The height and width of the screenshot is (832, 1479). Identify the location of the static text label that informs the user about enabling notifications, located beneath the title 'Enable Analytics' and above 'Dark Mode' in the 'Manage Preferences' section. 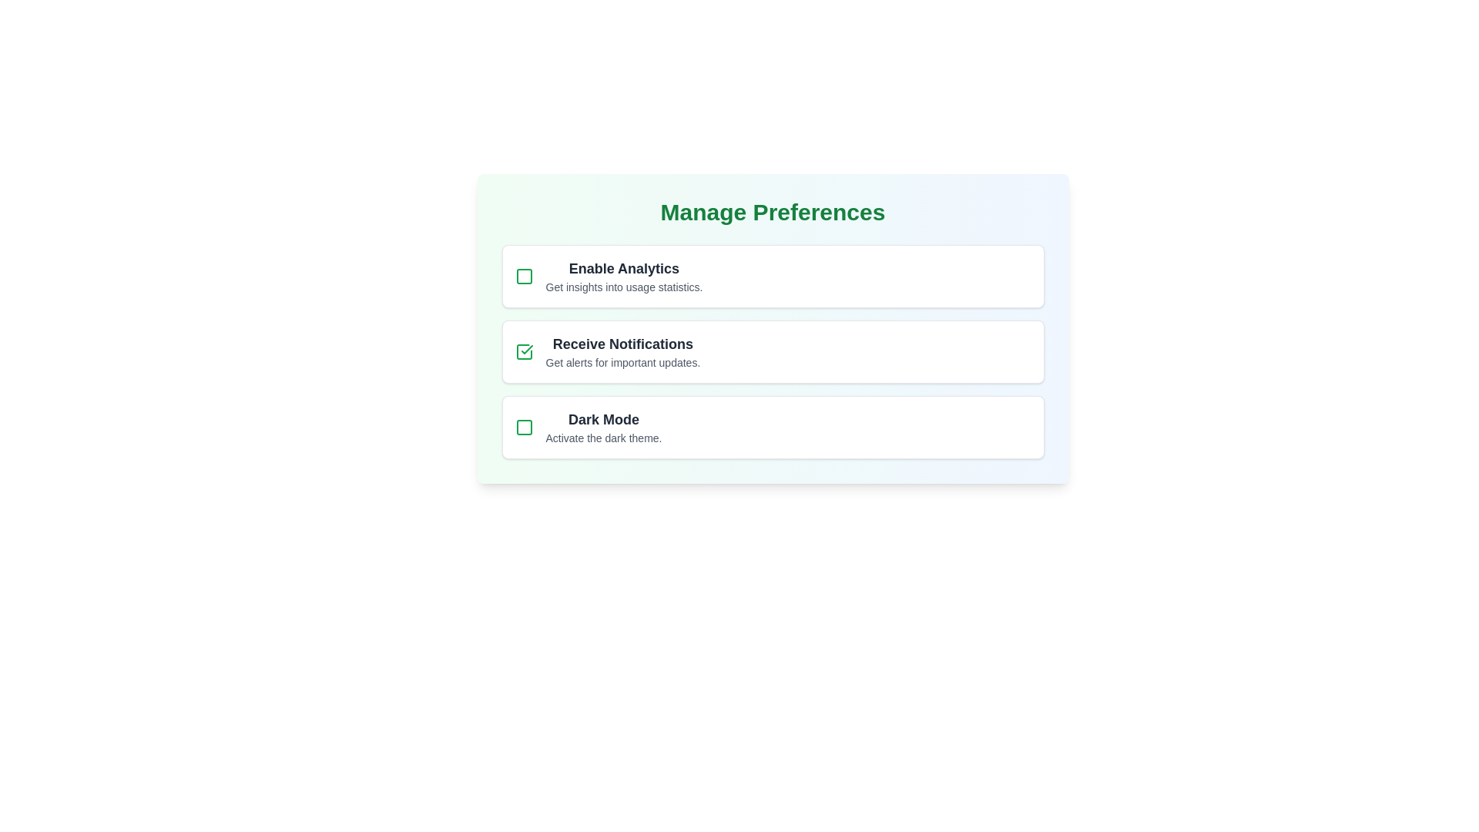
(622, 344).